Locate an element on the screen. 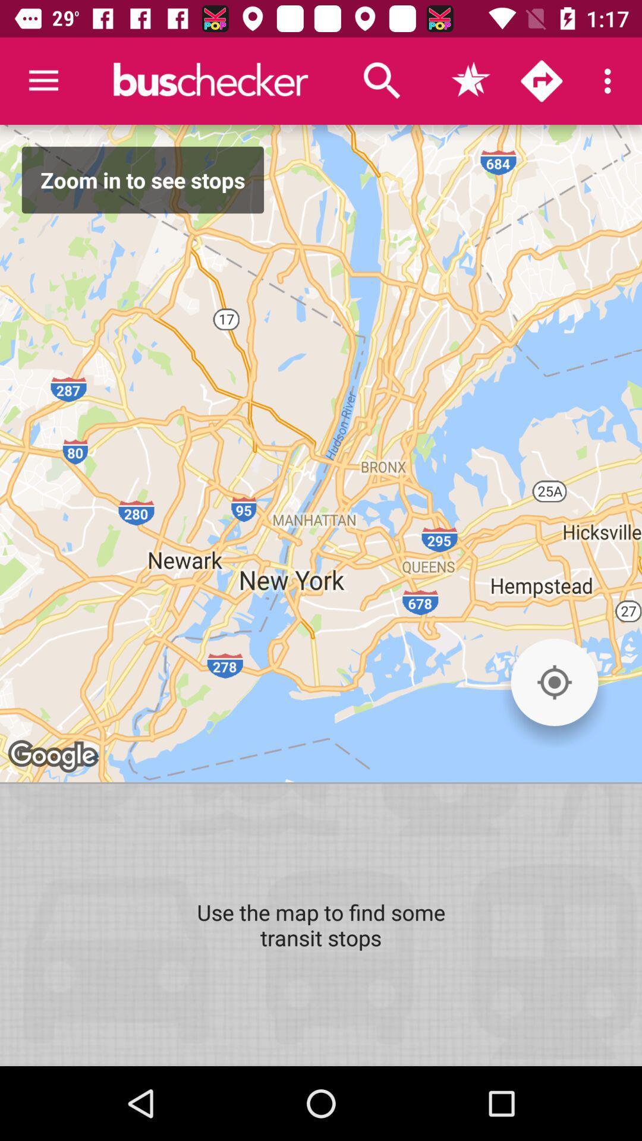 The height and width of the screenshot is (1141, 642). favorites icon which is on the right side of search icon is located at coordinates (469, 81).